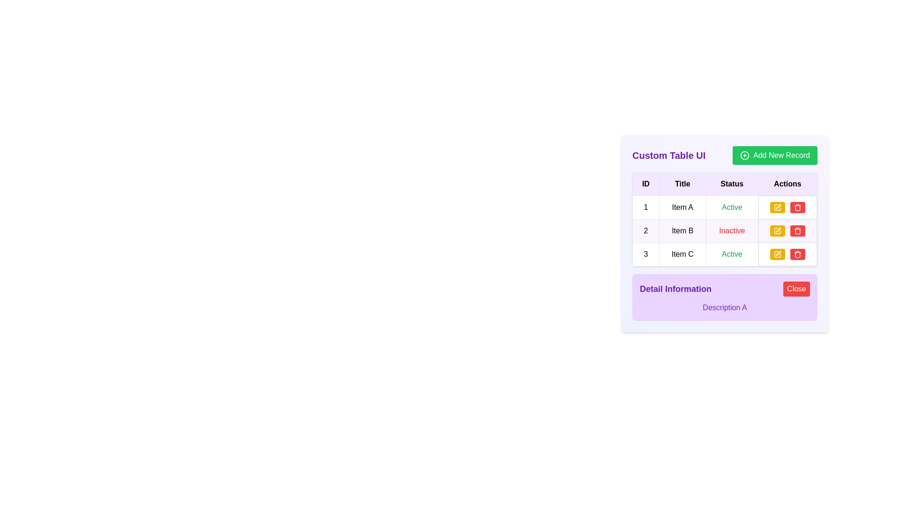 The height and width of the screenshot is (506, 900). What do you see at coordinates (724, 207) in the screenshot?
I see `text content of each cell in the first row of the table, which includes the ID '1', 'Item A', and the status 'Active' in green text` at bounding box center [724, 207].